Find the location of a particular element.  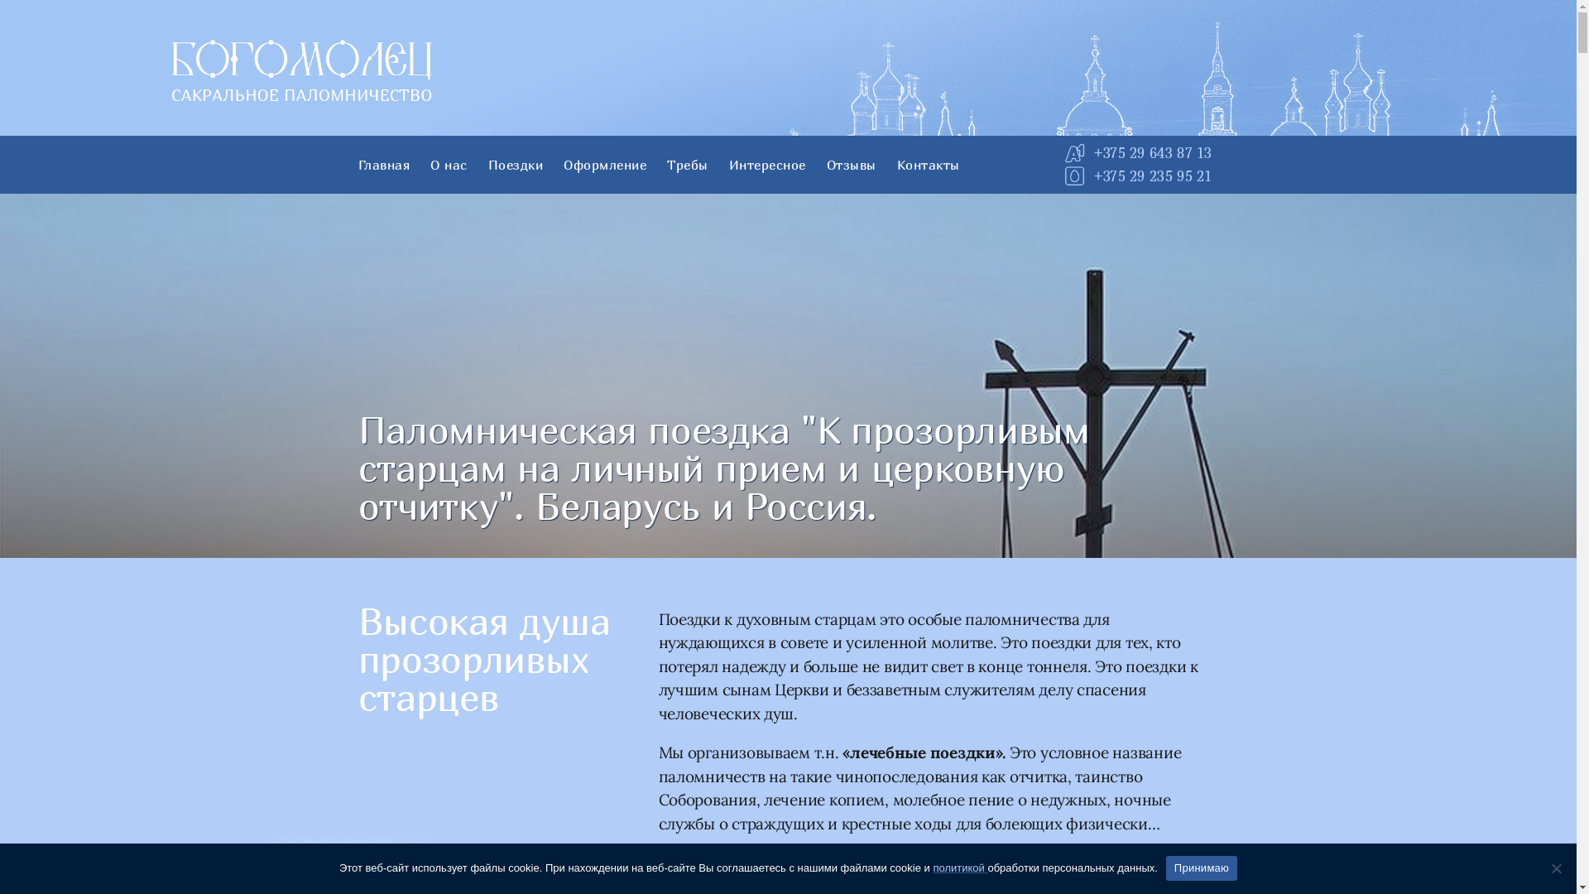

'+375 29 235 95 21' is located at coordinates (1092, 175).